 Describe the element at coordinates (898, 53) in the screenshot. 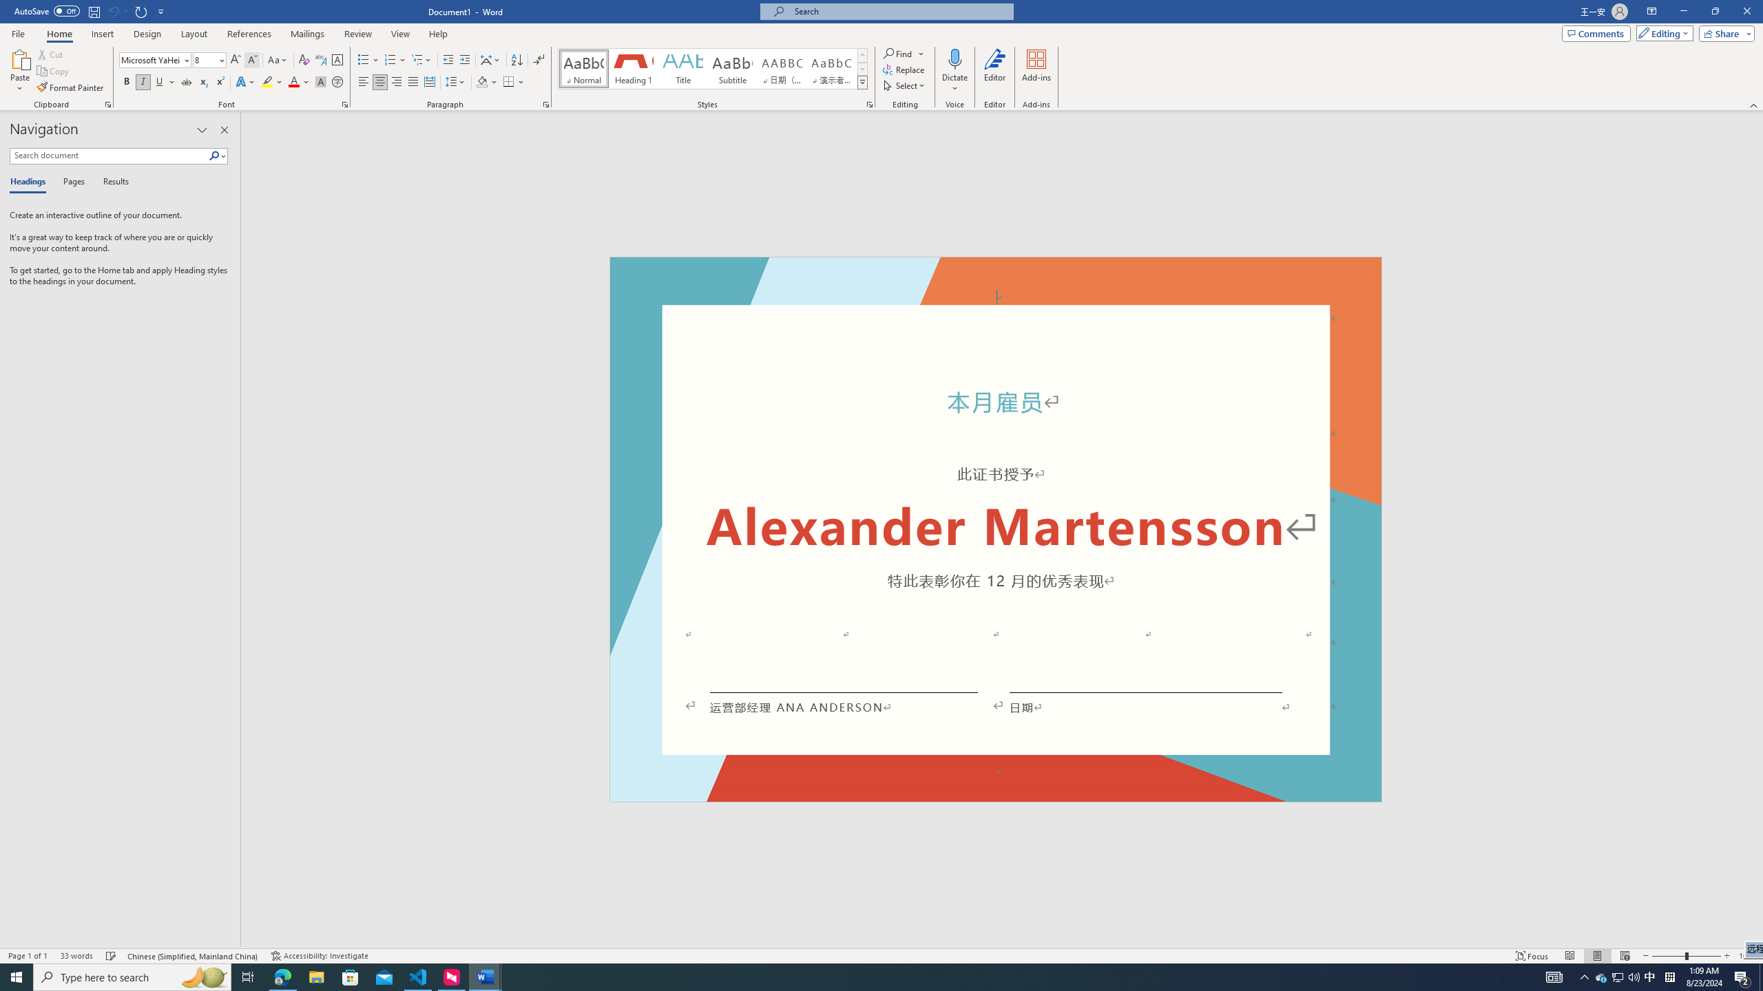

I see `'Find'` at that location.